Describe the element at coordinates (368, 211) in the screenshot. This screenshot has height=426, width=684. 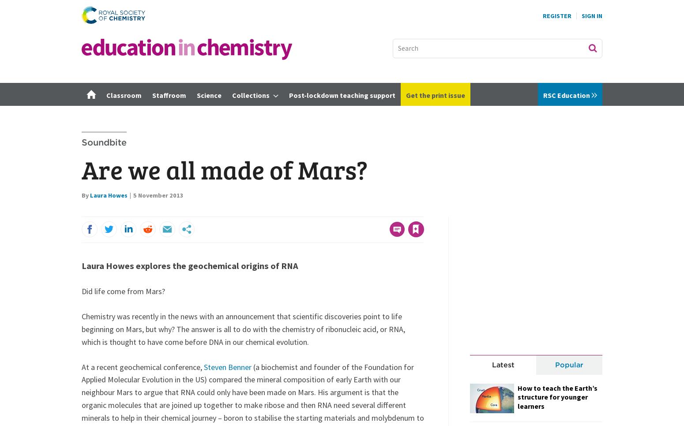
I see `'to your account to use this feature'` at that location.